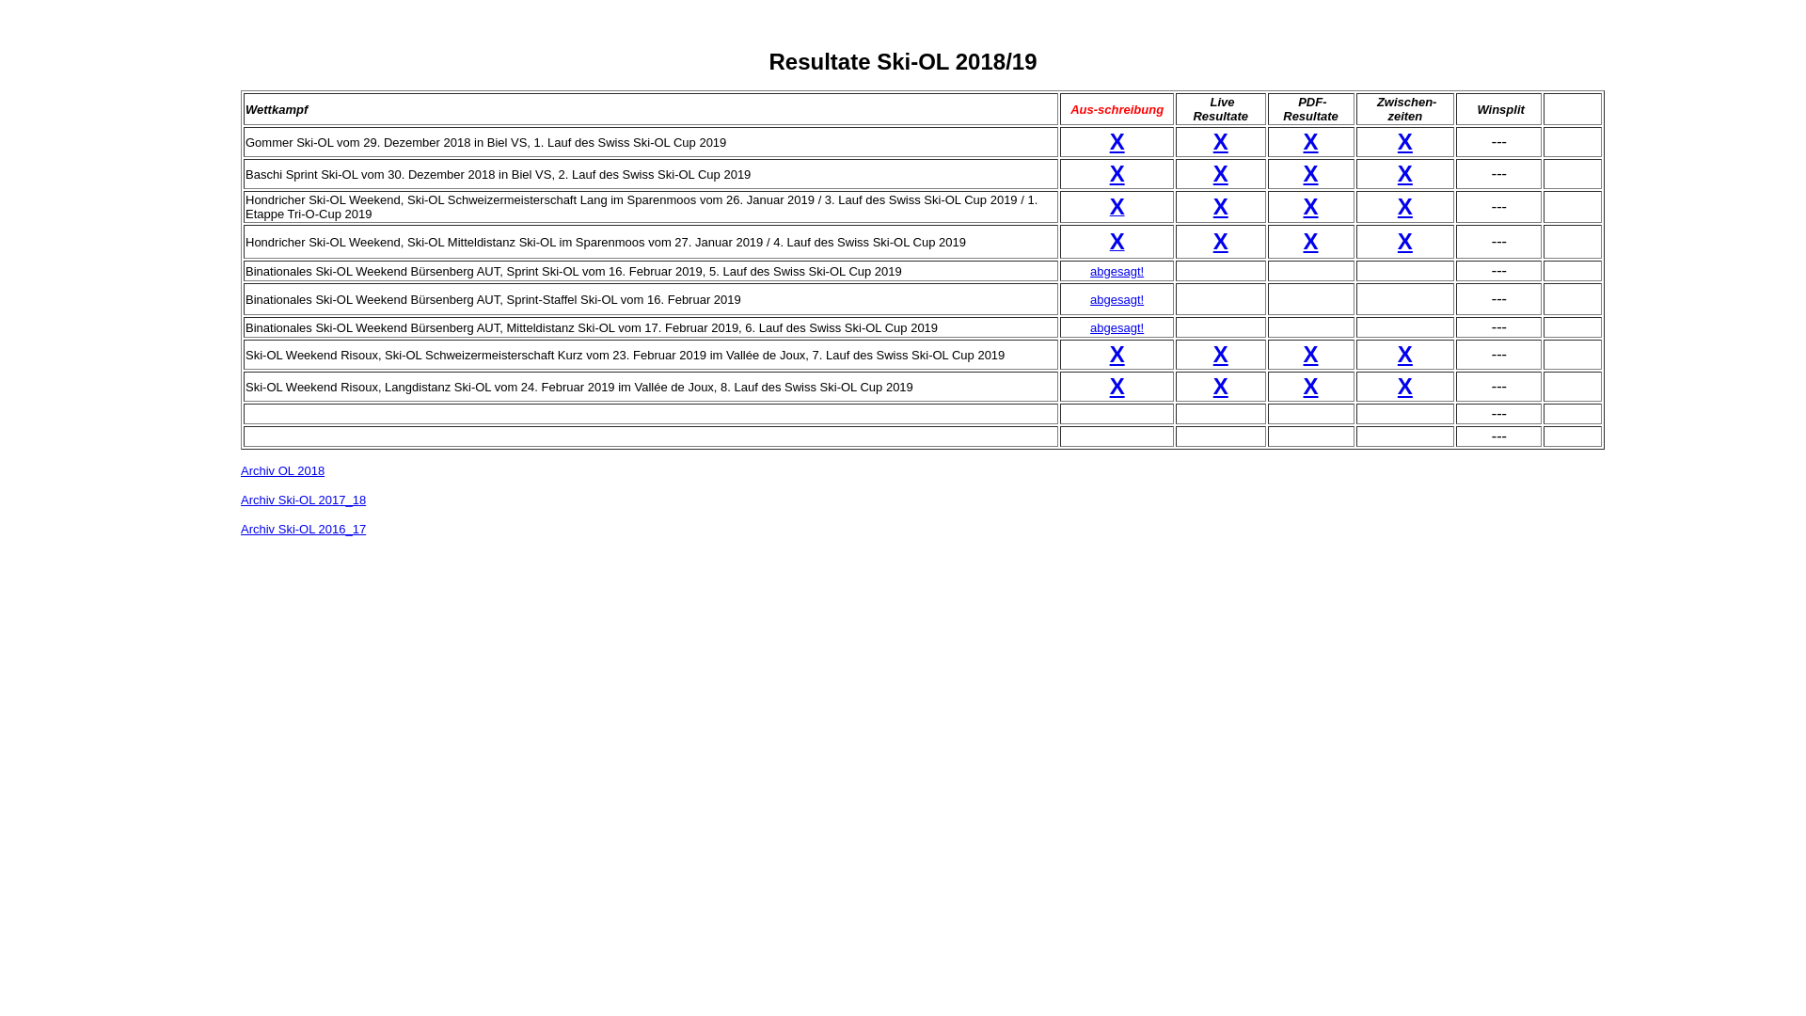 Image resolution: width=1806 pixels, height=1016 pixels. I want to click on 'X', so click(1110, 173).